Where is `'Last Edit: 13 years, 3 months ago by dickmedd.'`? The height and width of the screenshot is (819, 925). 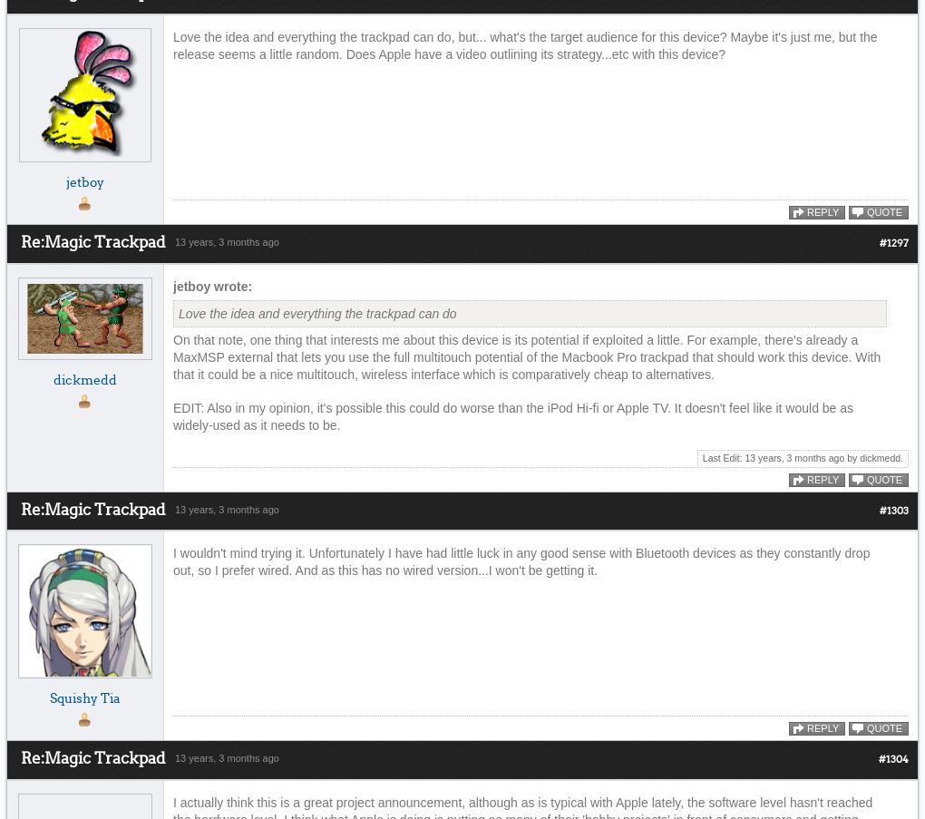 'Last Edit: 13 years, 3 months ago by dickmedd.' is located at coordinates (801, 456).